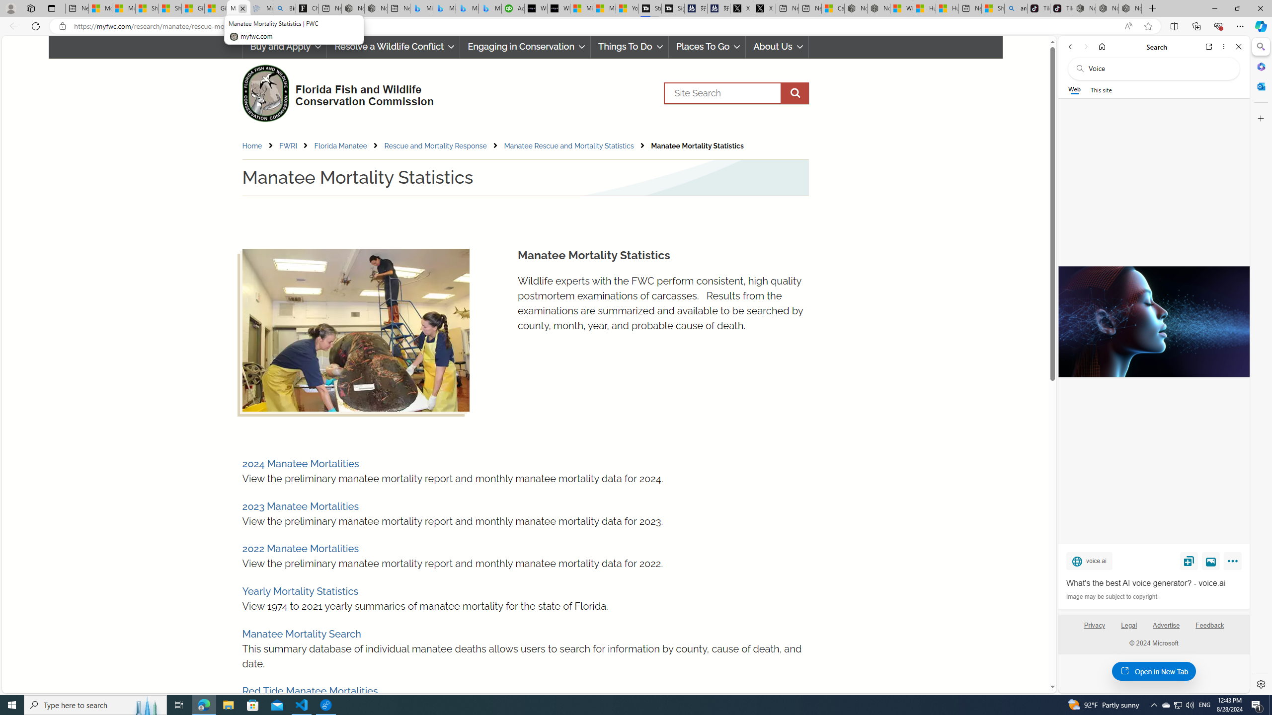 The width and height of the screenshot is (1272, 715). What do you see at coordinates (1240, 25) in the screenshot?
I see `'Settings and more (Alt+F)'` at bounding box center [1240, 25].